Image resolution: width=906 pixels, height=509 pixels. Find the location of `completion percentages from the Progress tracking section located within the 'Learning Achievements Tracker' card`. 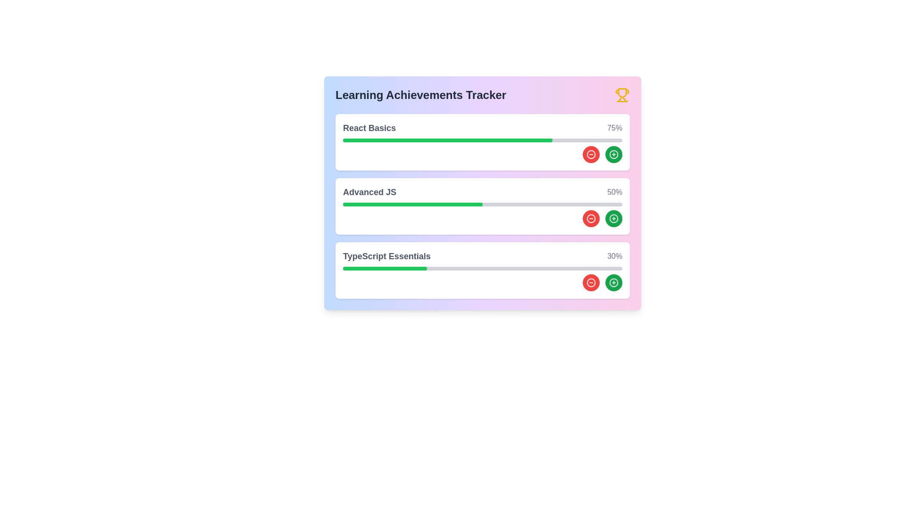

completion percentages from the Progress tracking section located within the 'Learning Achievements Tracker' card is located at coordinates (482, 206).